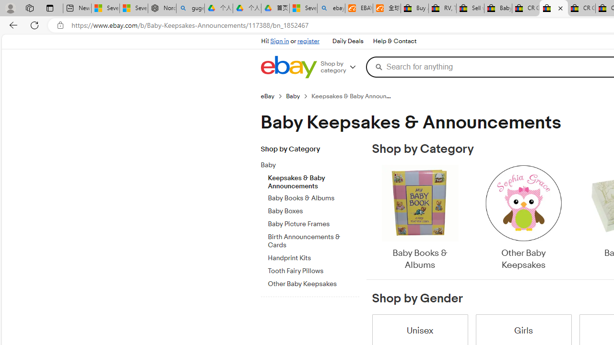 Image resolution: width=614 pixels, height=345 pixels. Describe the element at coordinates (313, 239) in the screenshot. I see `'Birth Announcements & Cards'` at that location.